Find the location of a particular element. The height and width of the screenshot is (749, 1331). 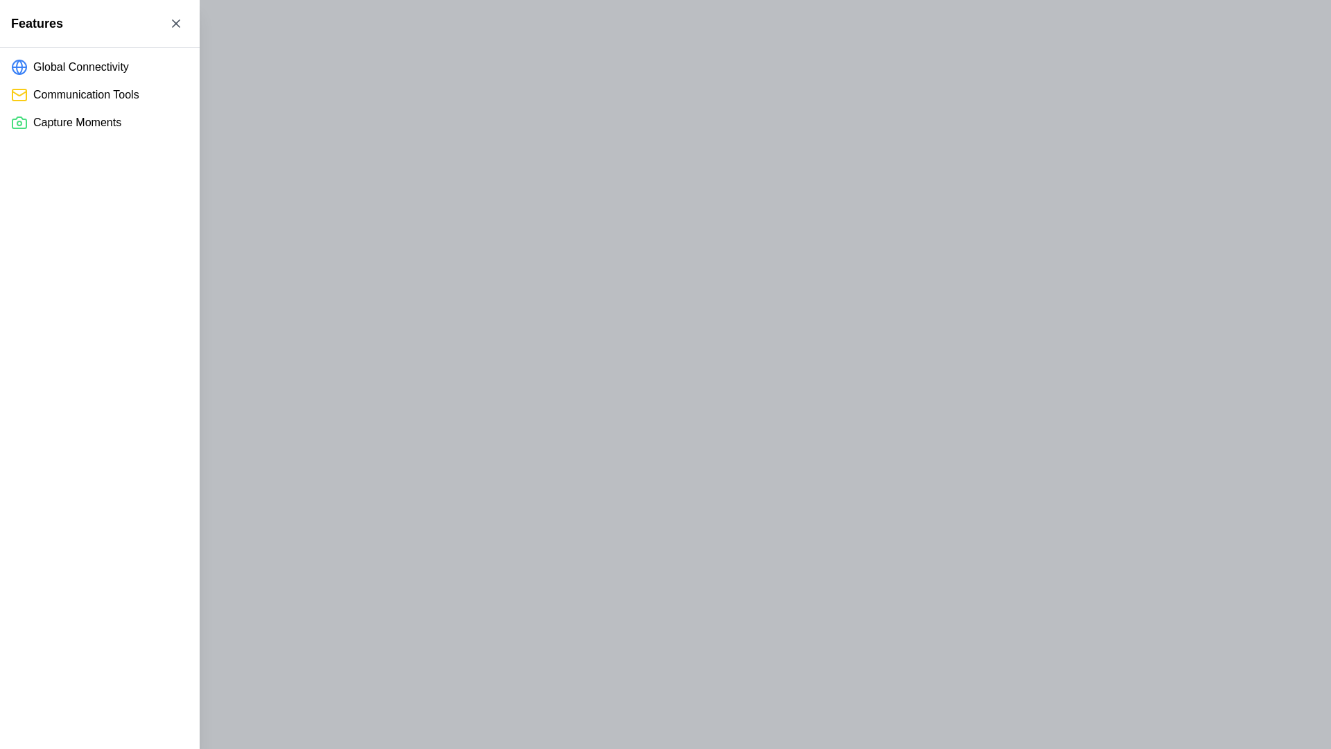

the close icon button resembling an 'X' located in the top-right corner of the sidebar above the 'Features' title is located at coordinates (175, 24).